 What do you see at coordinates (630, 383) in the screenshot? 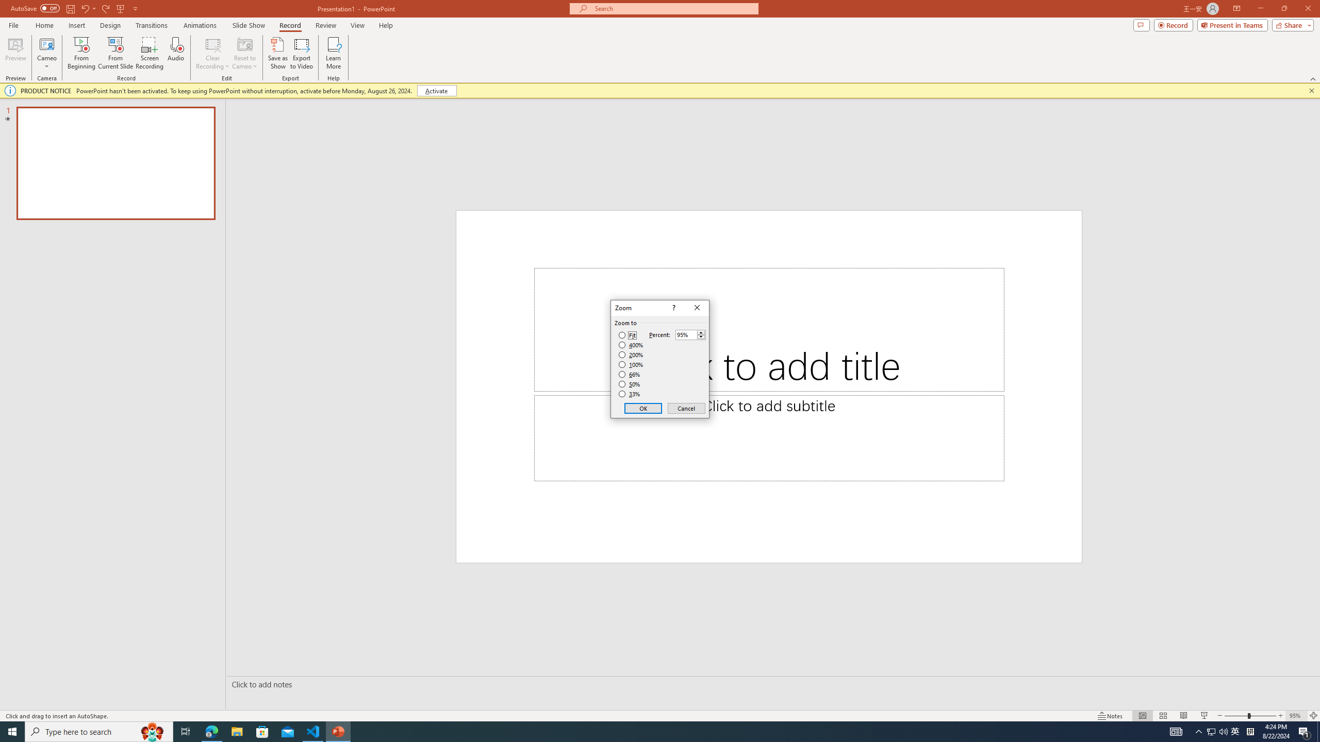
I see `'50%'` at bounding box center [630, 383].